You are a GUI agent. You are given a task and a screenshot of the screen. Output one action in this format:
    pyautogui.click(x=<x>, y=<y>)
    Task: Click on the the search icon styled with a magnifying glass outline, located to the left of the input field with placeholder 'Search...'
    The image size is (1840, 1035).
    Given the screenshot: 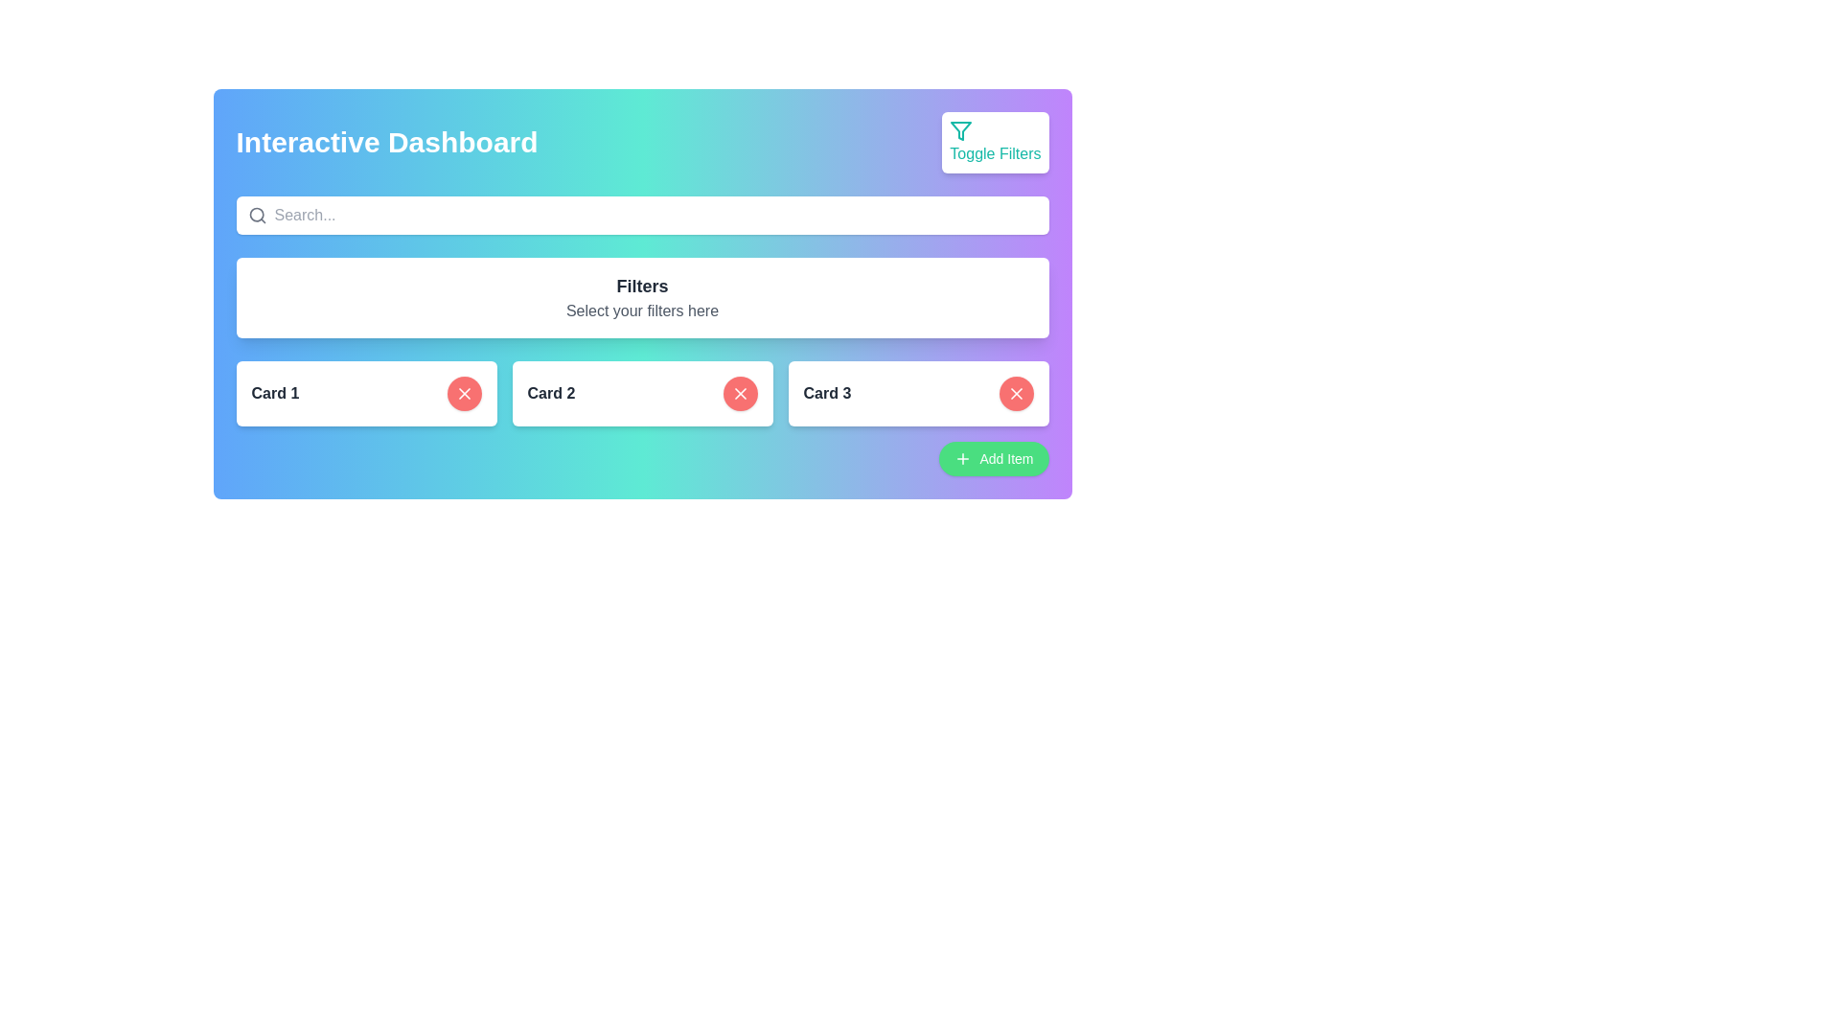 What is the action you would take?
    pyautogui.click(x=256, y=215)
    